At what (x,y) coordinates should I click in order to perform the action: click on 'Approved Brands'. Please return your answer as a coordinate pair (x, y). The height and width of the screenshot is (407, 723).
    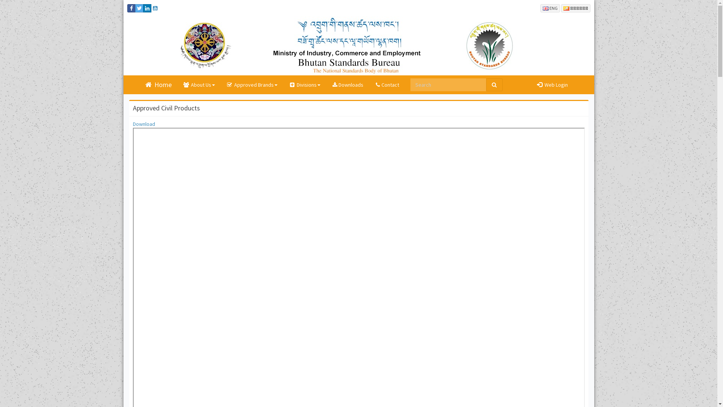
    Looking at the image, I should click on (252, 84).